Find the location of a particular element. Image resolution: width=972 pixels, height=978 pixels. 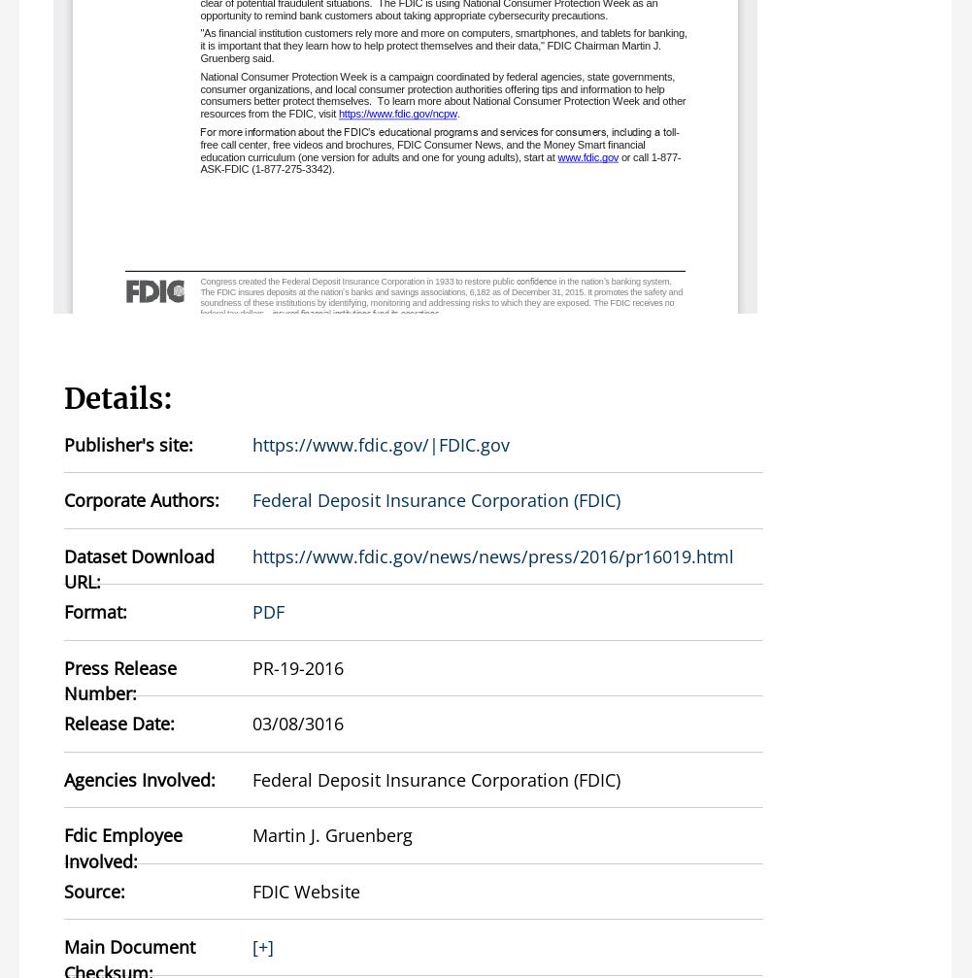

'Corporate Authors:' is located at coordinates (142, 498).